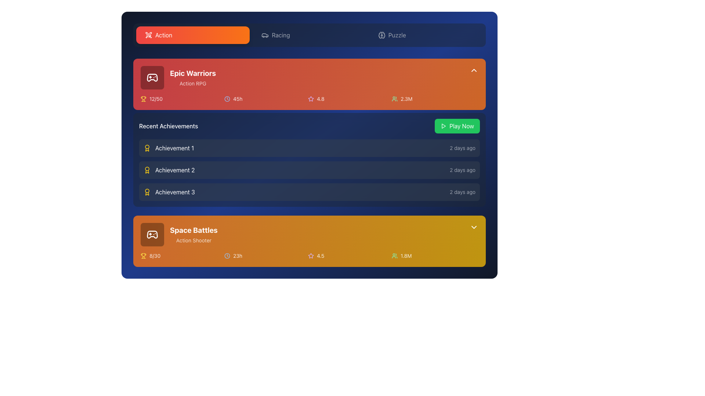 The image size is (705, 396). Describe the element at coordinates (305, 78) in the screenshot. I see `to select and view details of the featured item in the 'Action' category, which is the first list item located beneath the category tabs` at that location.